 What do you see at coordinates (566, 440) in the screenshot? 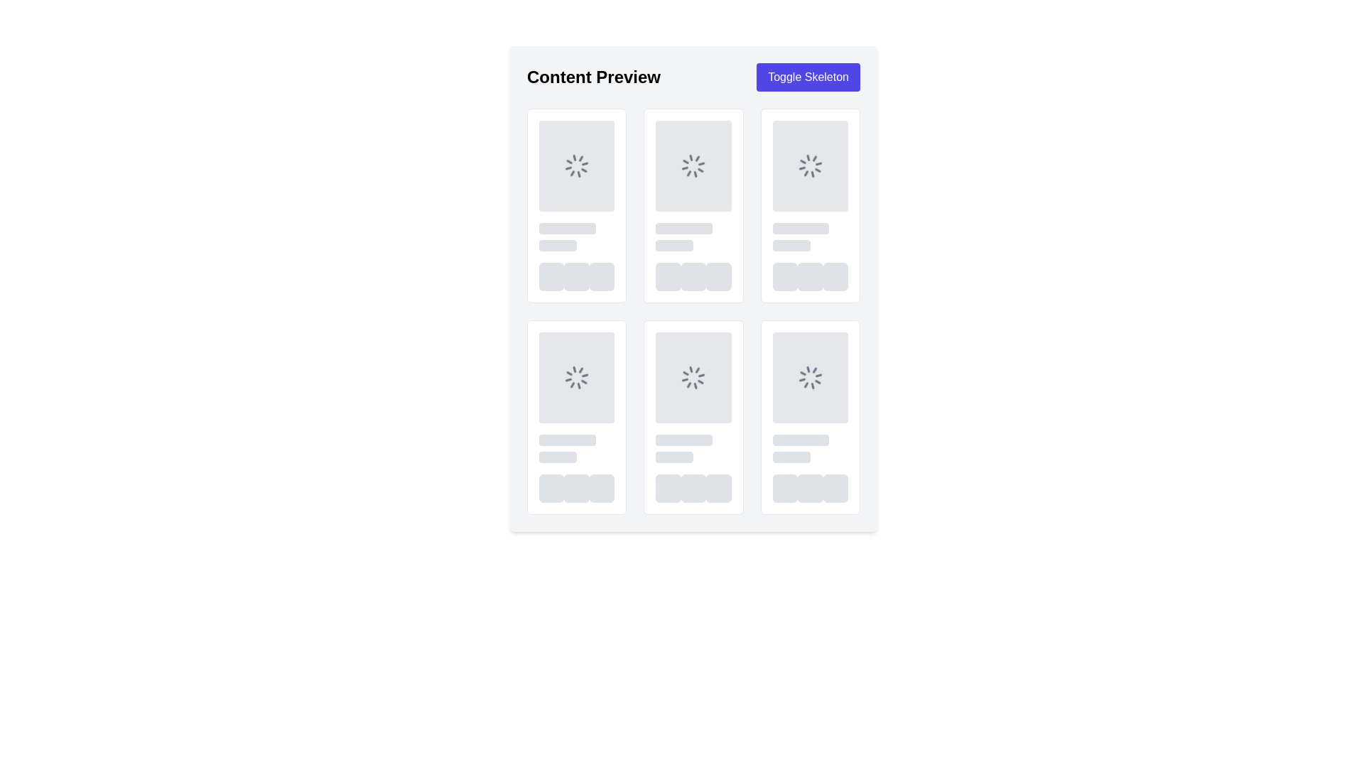
I see `the gray, rectangular Loading Placeholder element with rounded edges that is pulsating, located in the second group of placeholder elements in the second row of a grid layout` at bounding box center [566, 440].